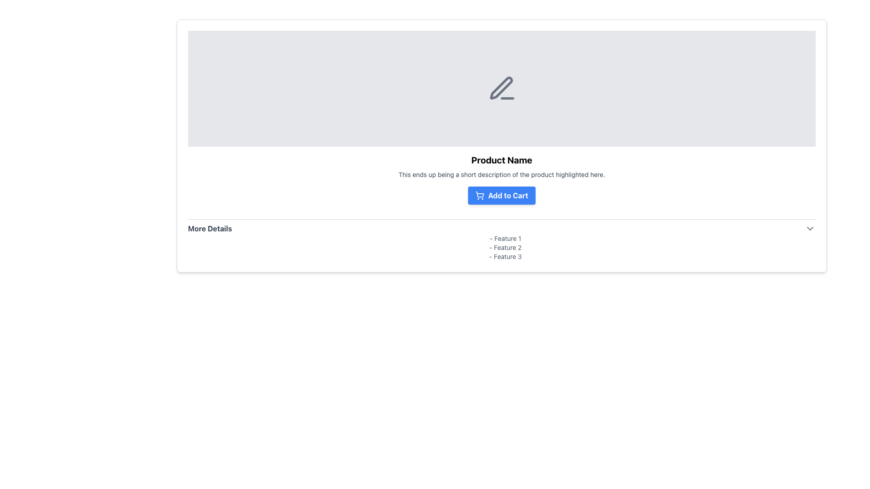  Describe the element at coordinates (505, 248) in the screenshot. I see `informative text label that provides details about the product, specifically the second entry in a list of features below the product description` at that location.